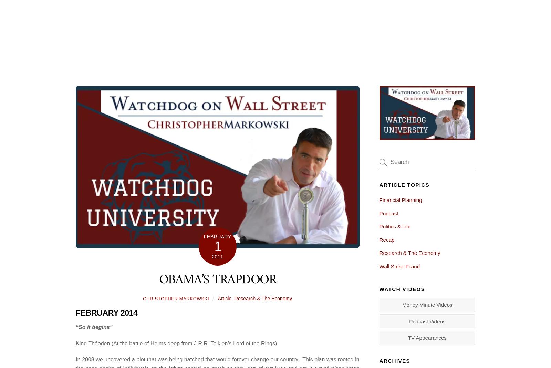 The height and width of the screenshot is (368, 551). Describe the element at coordinates (290, 348) in the screenshot. I see `'Check out a nice article about us on LWR LIFE Magazine!'` at that location.